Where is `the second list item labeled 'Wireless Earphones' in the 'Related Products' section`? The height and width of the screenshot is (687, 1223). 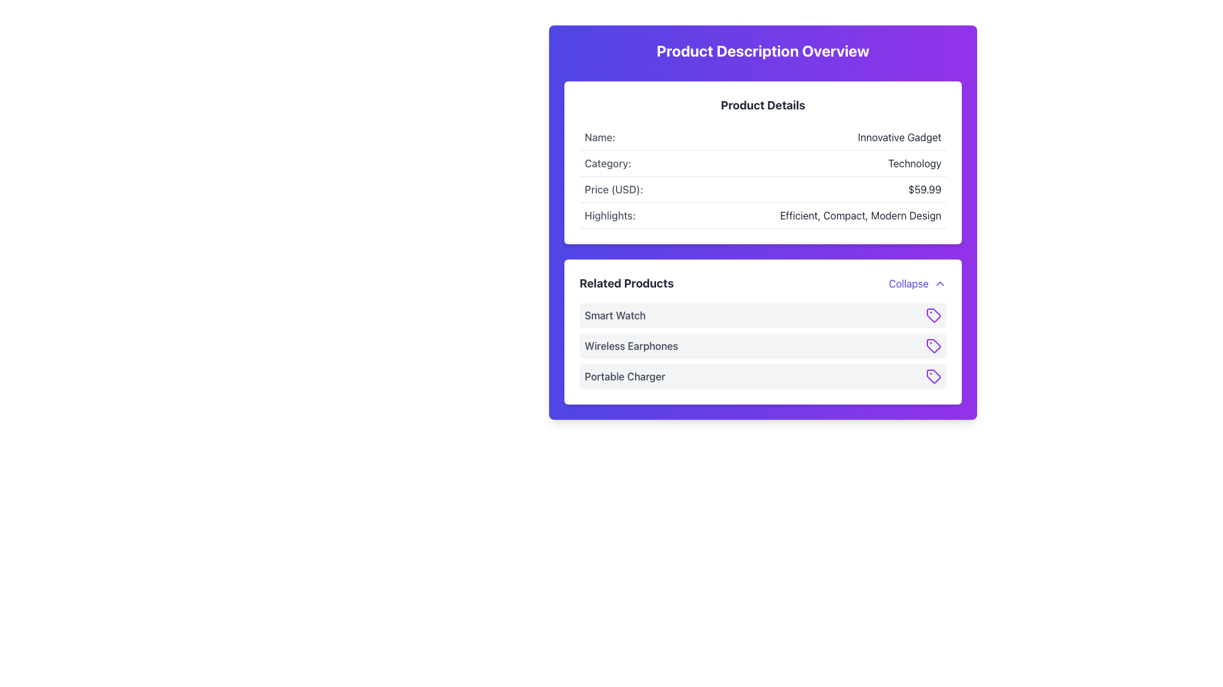 the second list item labeled 'Wireless Earphones' in the 'Related Products' section is located at coordinates (763, 345).